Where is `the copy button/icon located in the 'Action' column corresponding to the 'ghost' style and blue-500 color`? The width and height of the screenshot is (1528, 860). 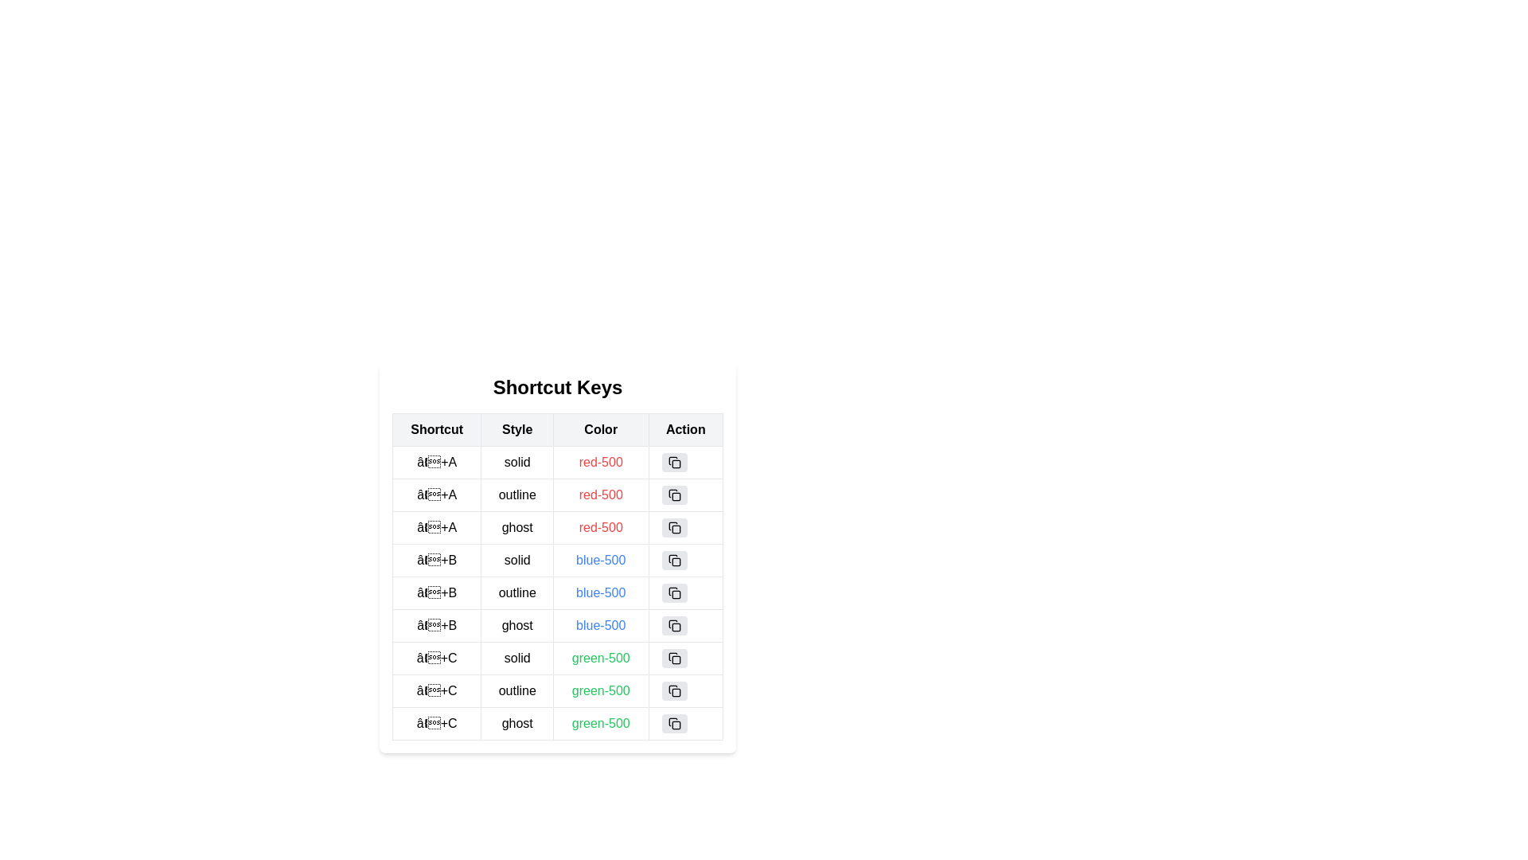
the copy button/icon located in the 'Action' column corresponding to the 'ghost' style and blue-500 color is located at coordinates (674, 625).